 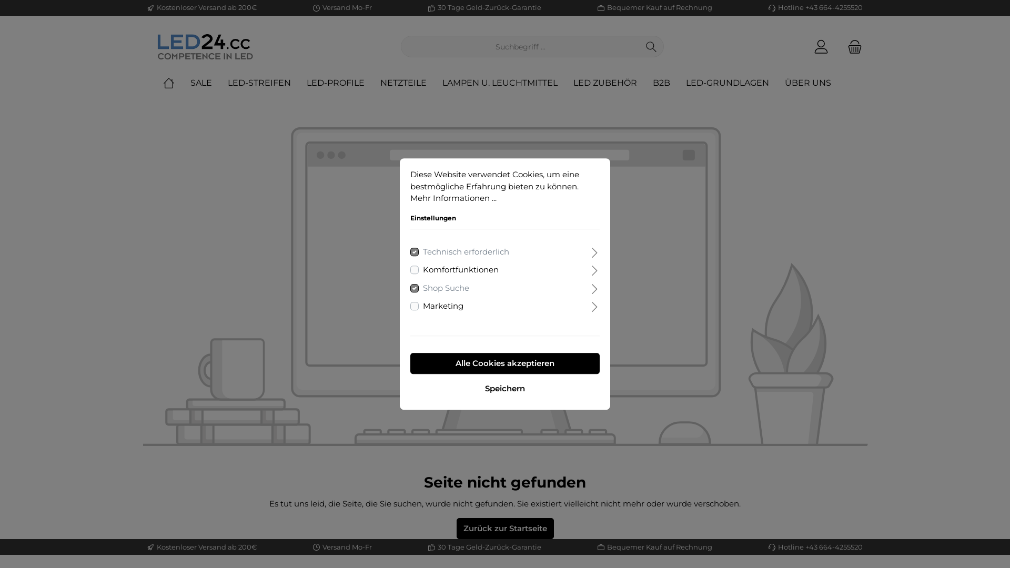 What do you see at coordinates (306, 83) in the screenshot?
I see `'LED-PROFILE'` at bounding box center [306, 83].